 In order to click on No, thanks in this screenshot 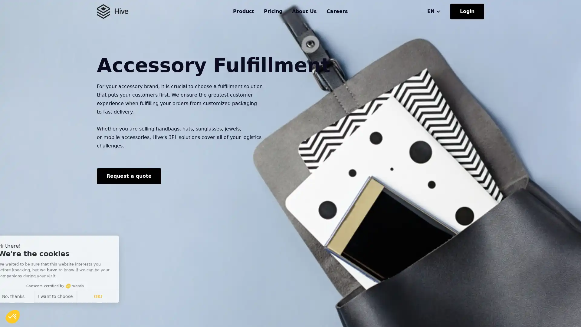, I will do `click(27, 296)`.